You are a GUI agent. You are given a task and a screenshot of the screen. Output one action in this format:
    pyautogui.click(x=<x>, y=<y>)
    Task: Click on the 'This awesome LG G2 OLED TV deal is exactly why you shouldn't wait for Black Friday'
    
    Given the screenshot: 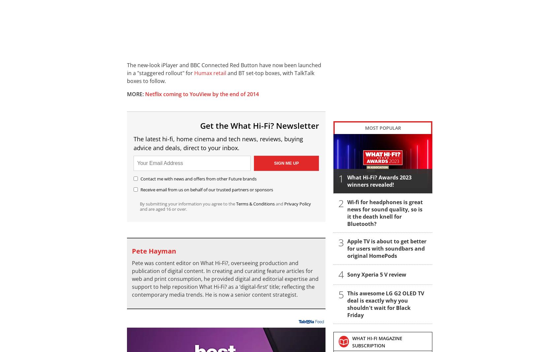 What is the action you would take?
    pyautogui.click(x=385, y=304)
    